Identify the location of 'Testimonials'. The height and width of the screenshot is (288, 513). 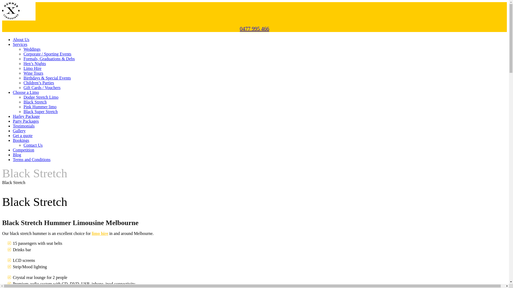
(13, 126).